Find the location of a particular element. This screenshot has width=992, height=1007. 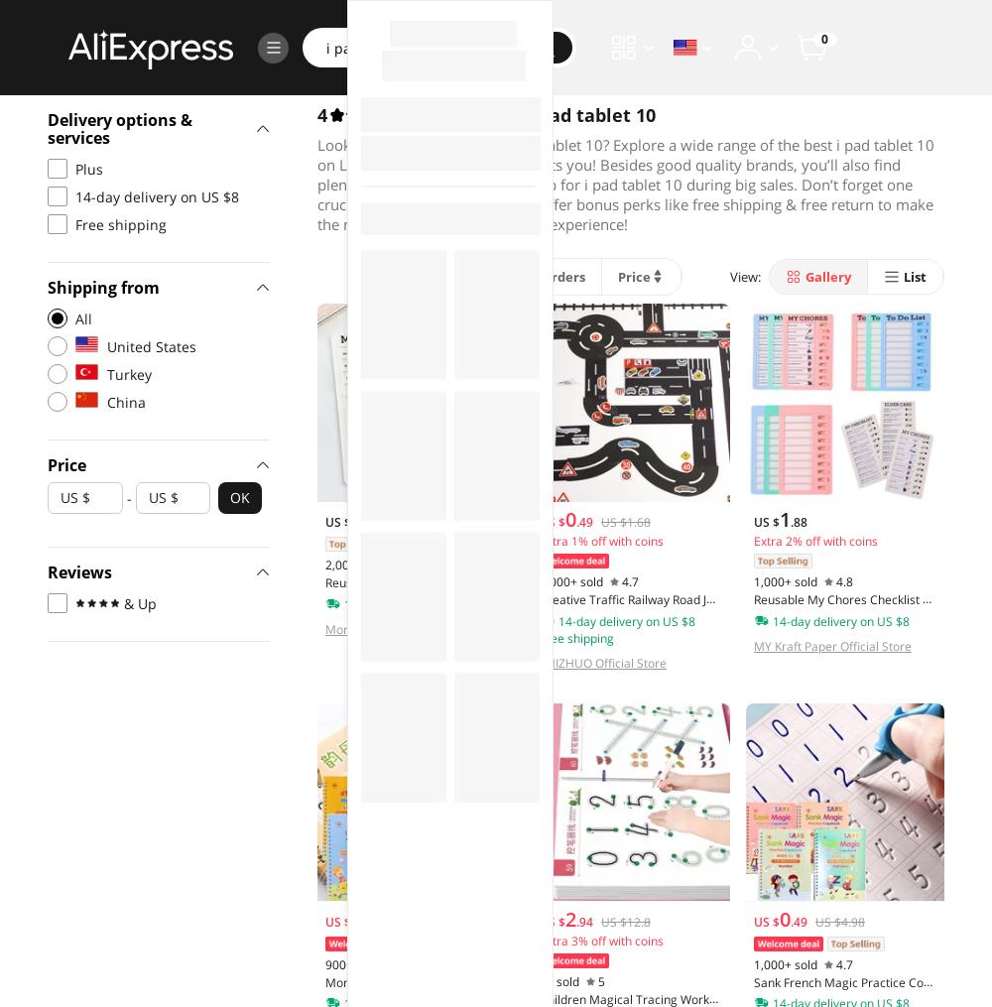

'Sort by' is located at coordinates (364, 277).